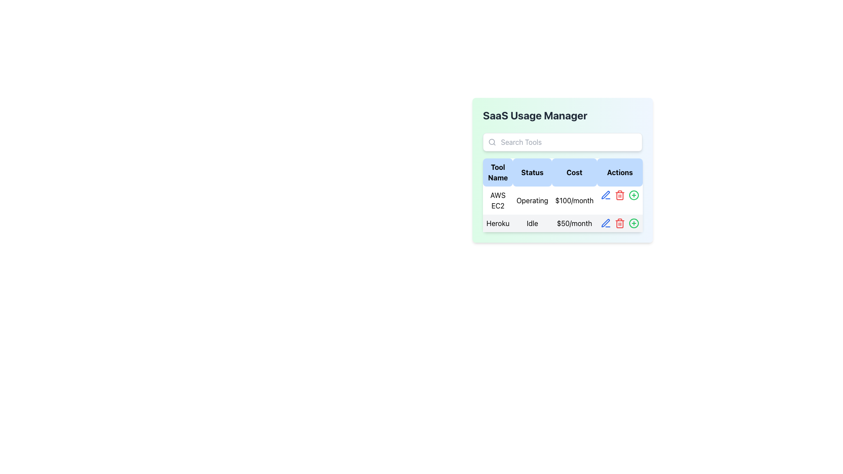 This screenshot has height=474, width=843. Describe the element at coordinates (634, 194) in the screenshot. I see `the SVG circle that serves as the decorative background for the plus symbol in the Actions column of the Heroku row in the table` at that location.